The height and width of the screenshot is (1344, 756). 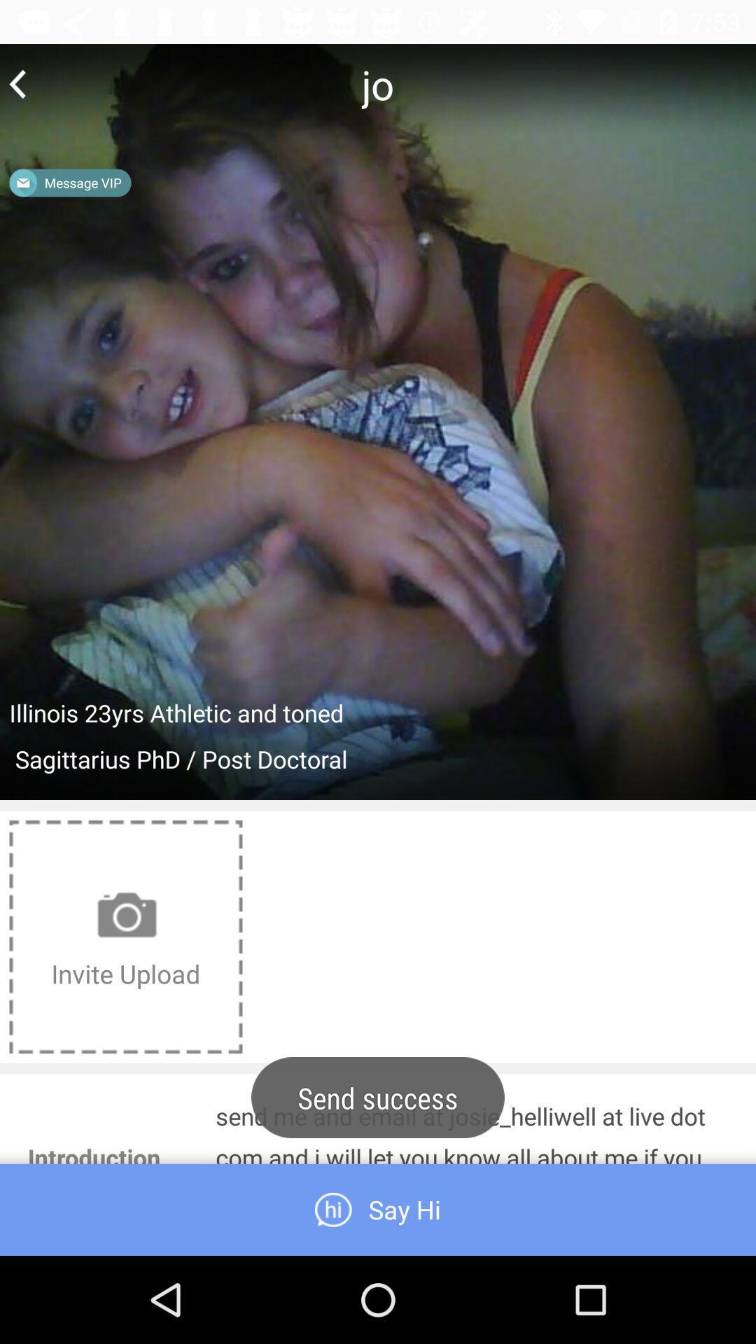 I want to click on the message icon in the image, so click(x=23, y=182).